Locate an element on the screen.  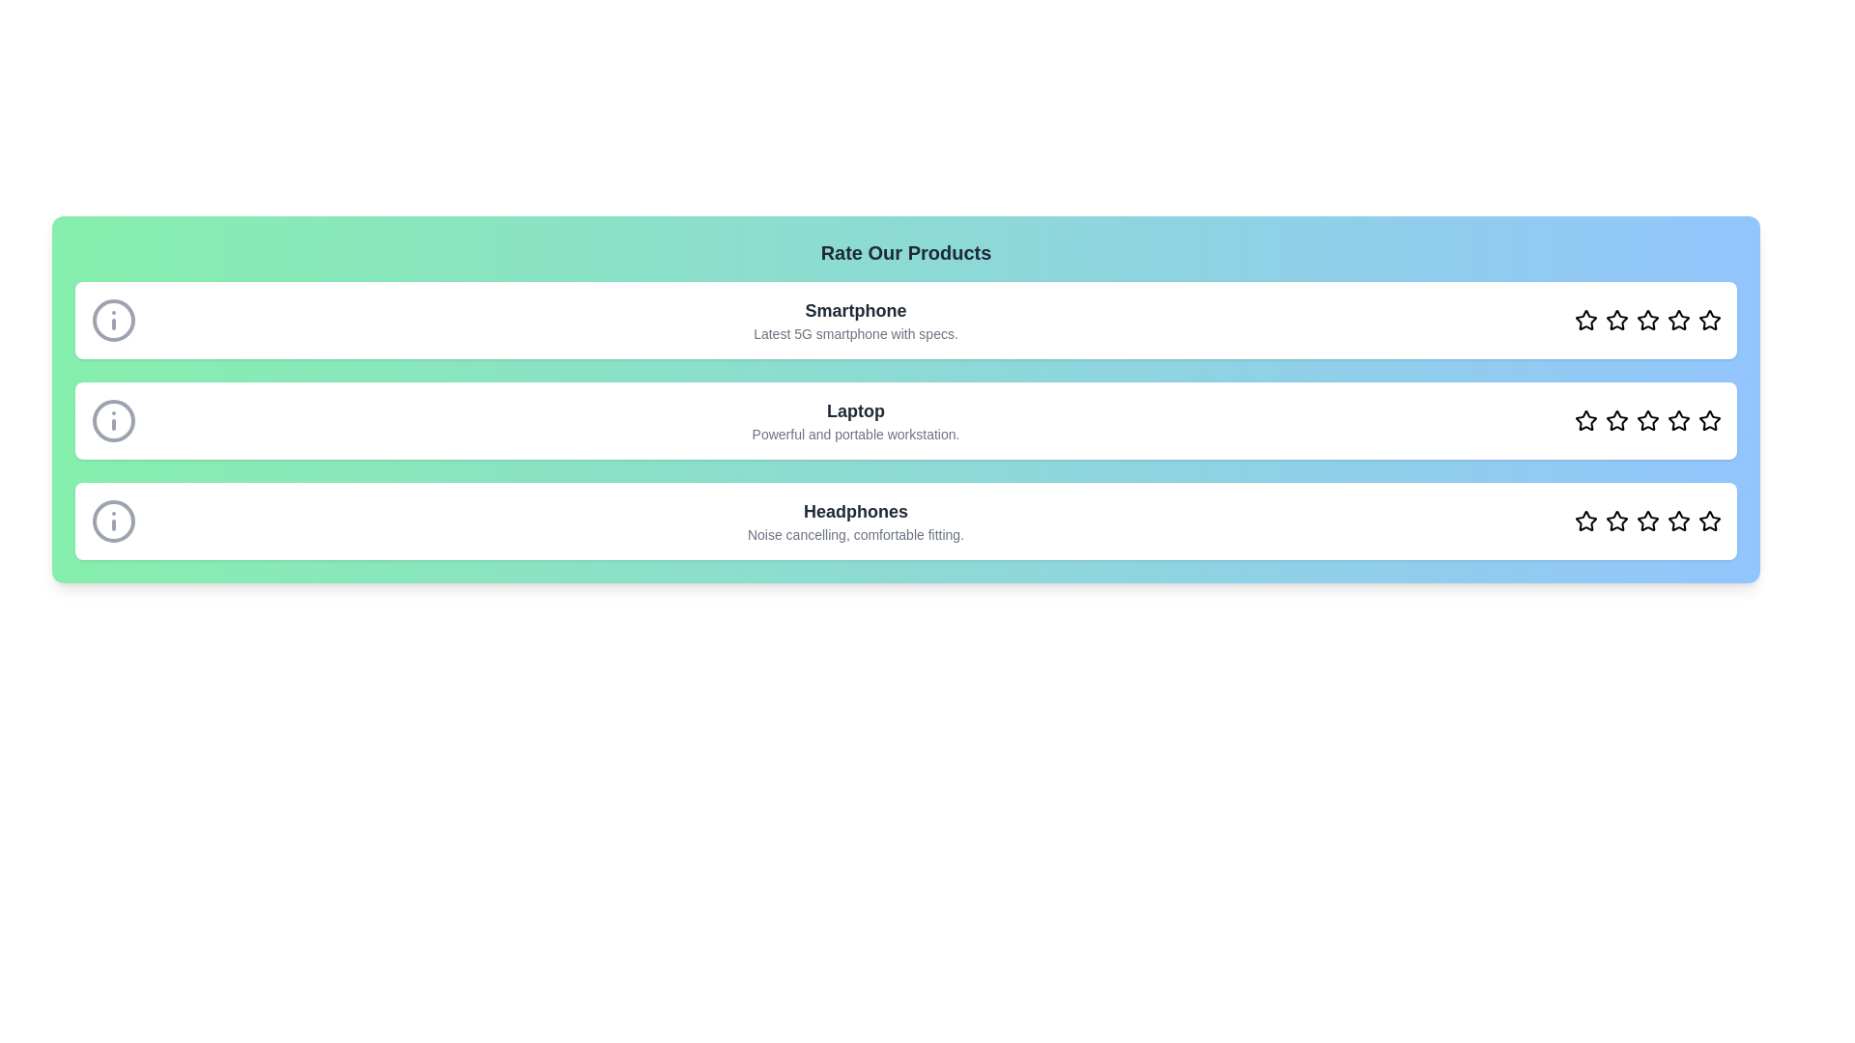
the first star icon in the rating system for the 'Headphones' category to provide a visual hint is located at coordinates (1585, 521).